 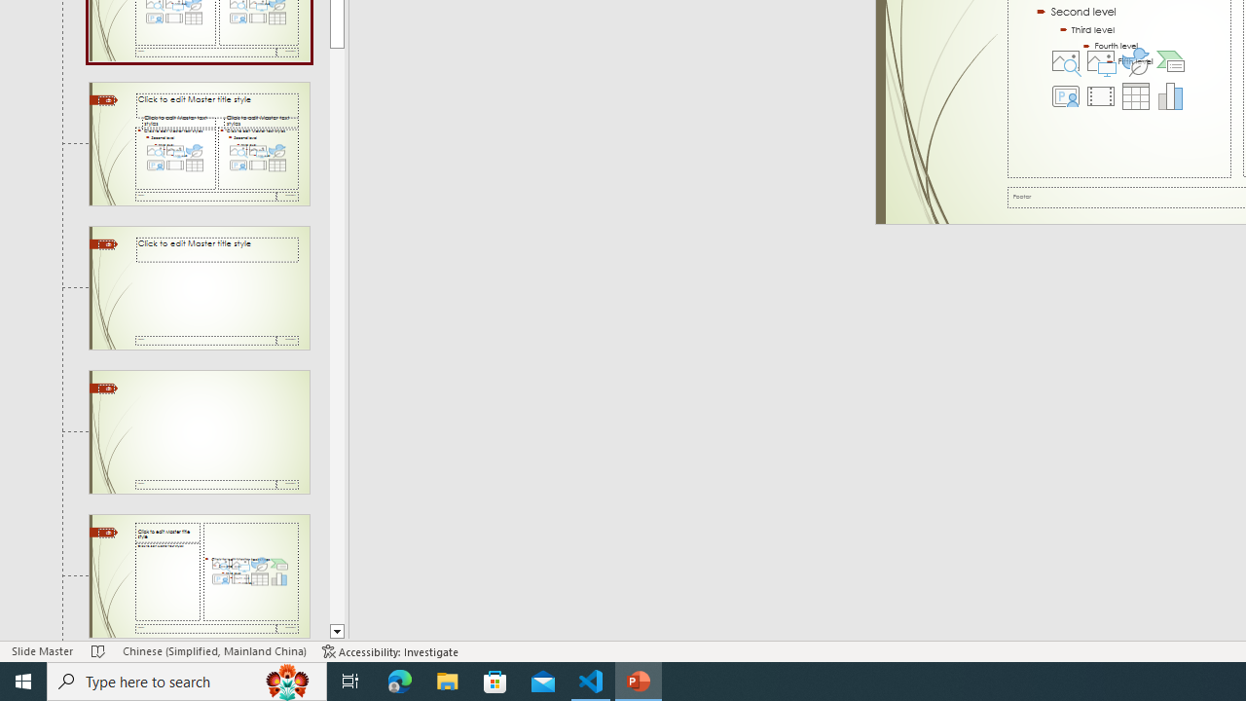 I want to click on 'Slide Two Content Layout: used by no slides', so click(x=199, y=142).